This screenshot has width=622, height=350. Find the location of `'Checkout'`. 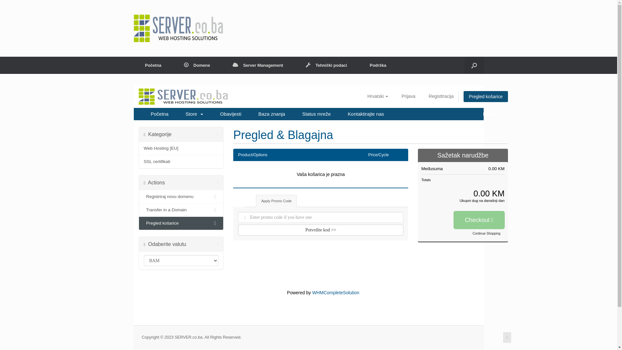

'Checkout' is located at coordinates (479, 219).